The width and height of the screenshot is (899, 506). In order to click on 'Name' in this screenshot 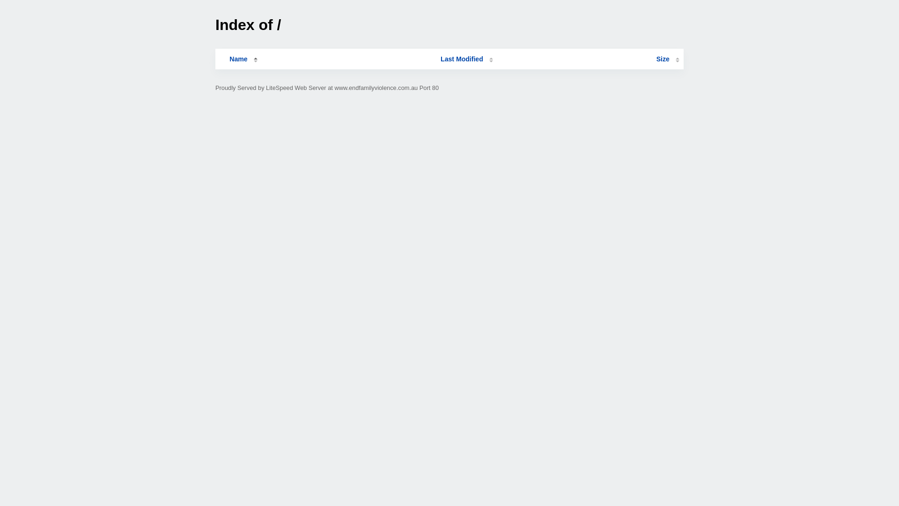, I will do `click(238, 59)`.